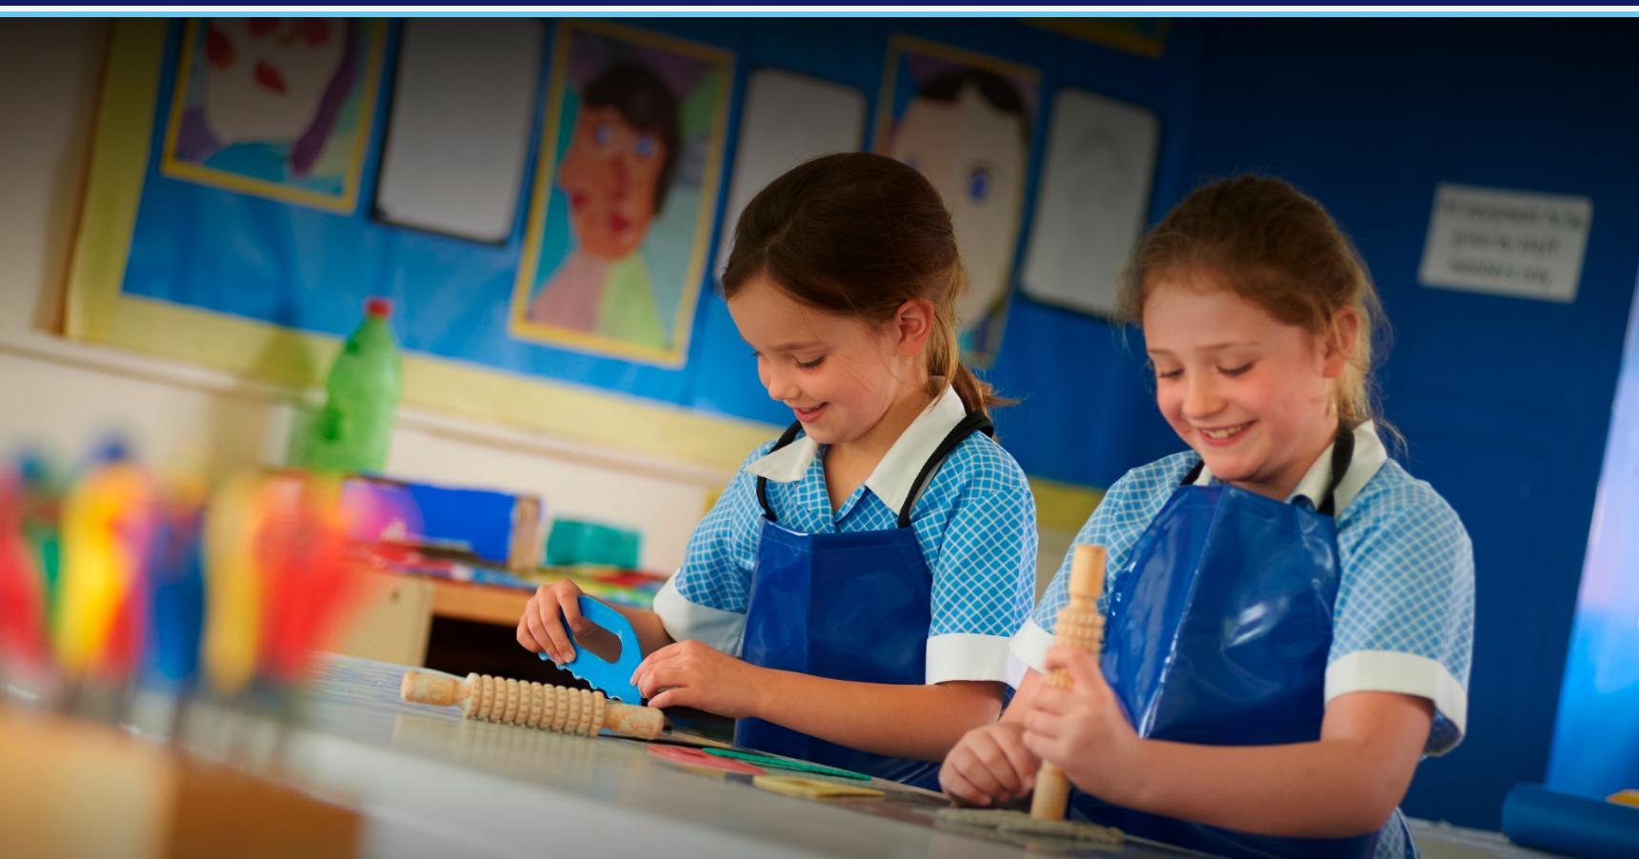 The height and width of the screenshot is (859, 1639). What do you see at coordinates (1032, 248) in the screenshot?
I see `'Calendar'` at bounding box center [1032, 248].